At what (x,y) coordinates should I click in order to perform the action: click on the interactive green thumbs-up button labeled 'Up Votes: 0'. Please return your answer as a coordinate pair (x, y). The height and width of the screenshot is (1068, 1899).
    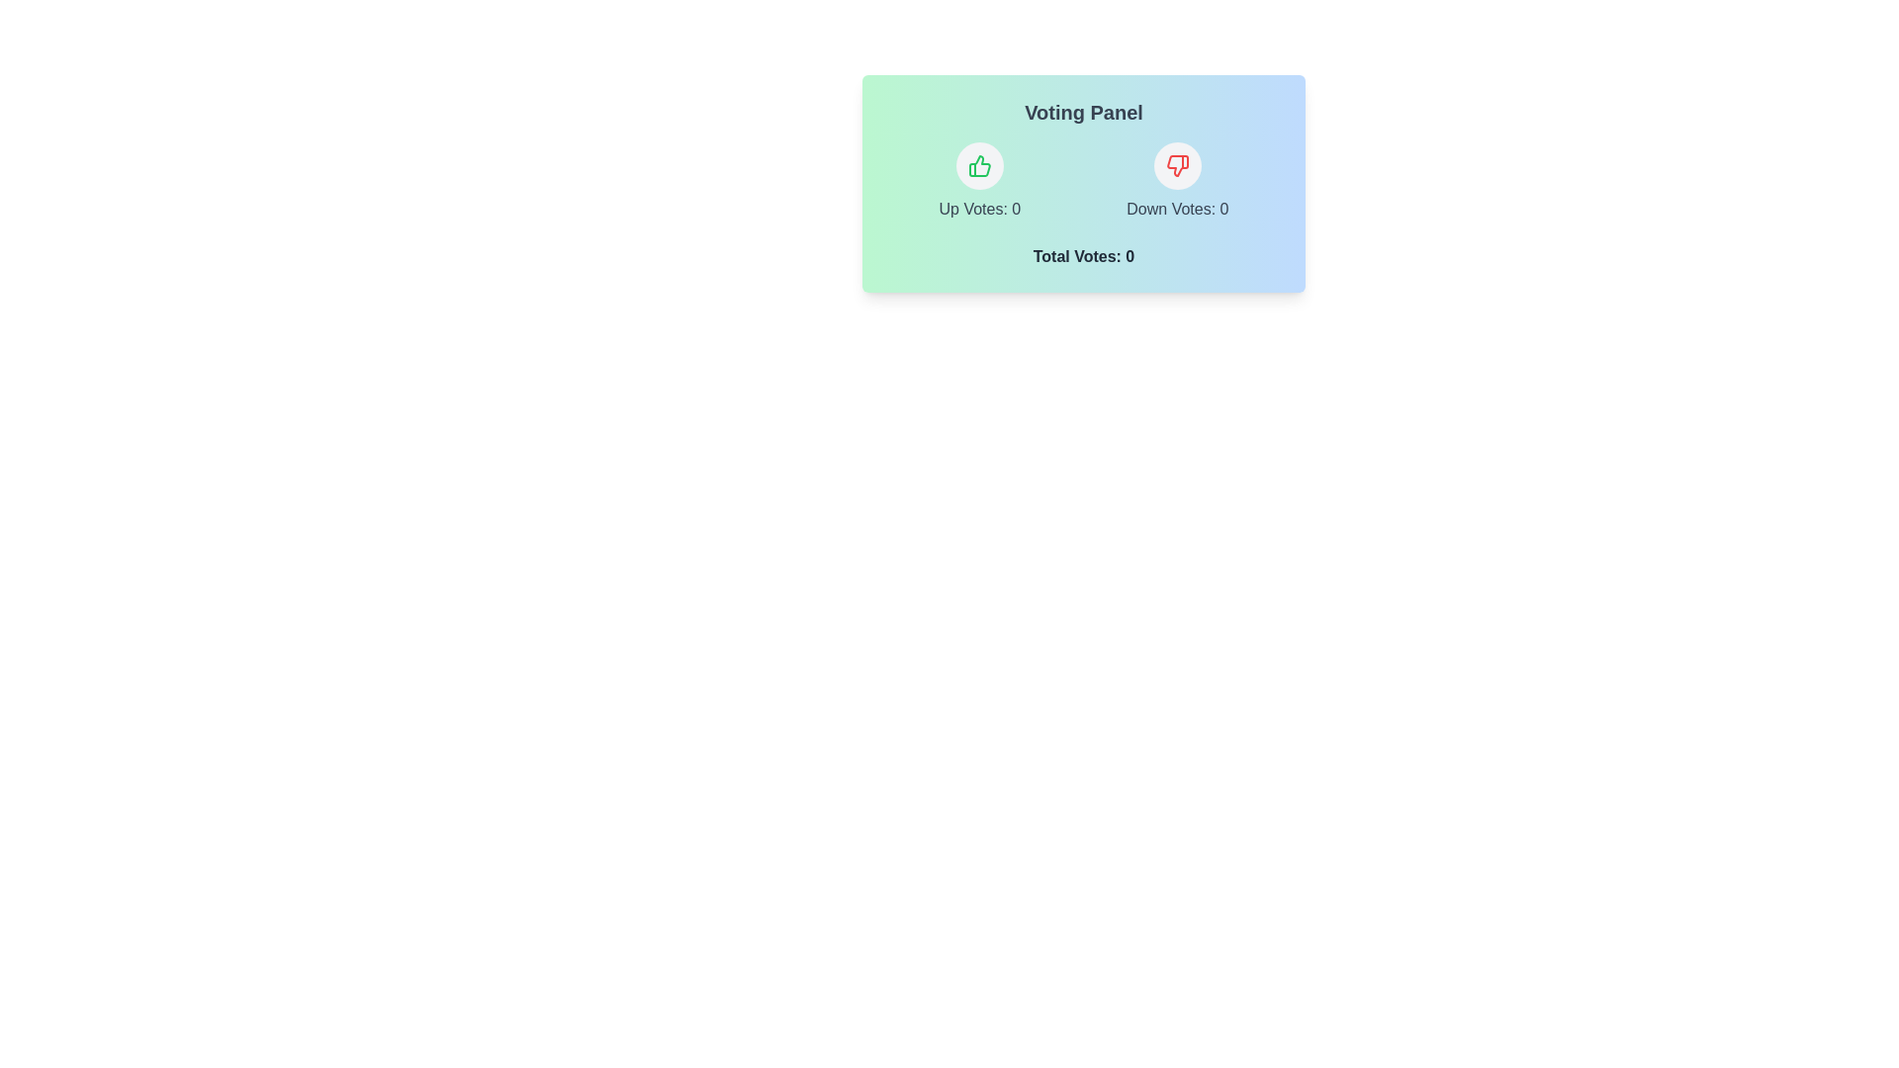
    Looking at the image, I should click on (979, 182).